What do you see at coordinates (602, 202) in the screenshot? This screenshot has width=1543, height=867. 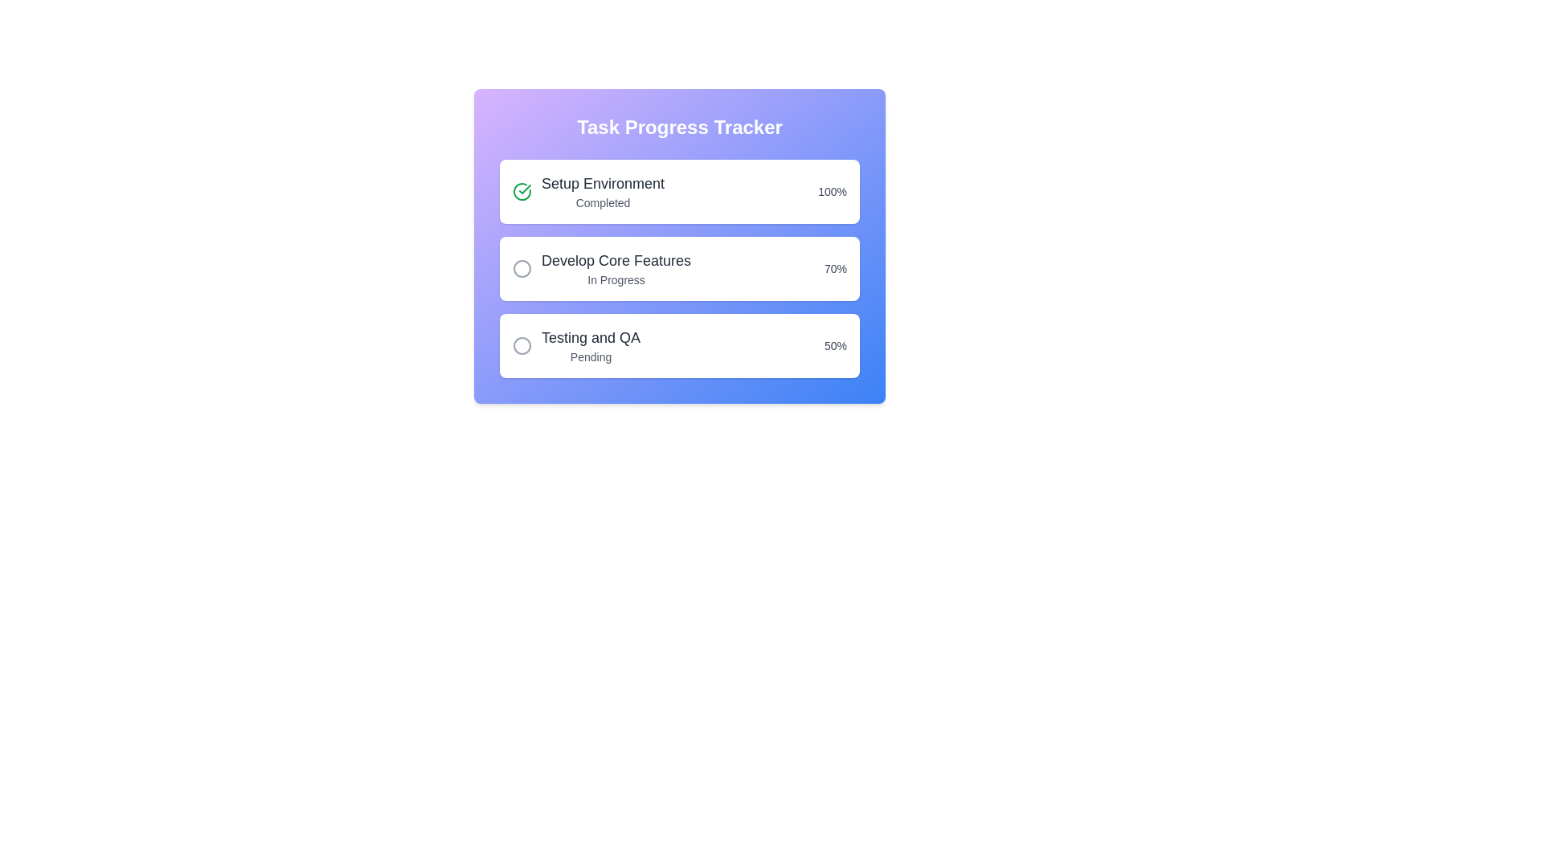 I see `the informational Text label that indicates the completion status of the 'Setup Environment' task in the progress tracker` at bounding box center [602, 202].